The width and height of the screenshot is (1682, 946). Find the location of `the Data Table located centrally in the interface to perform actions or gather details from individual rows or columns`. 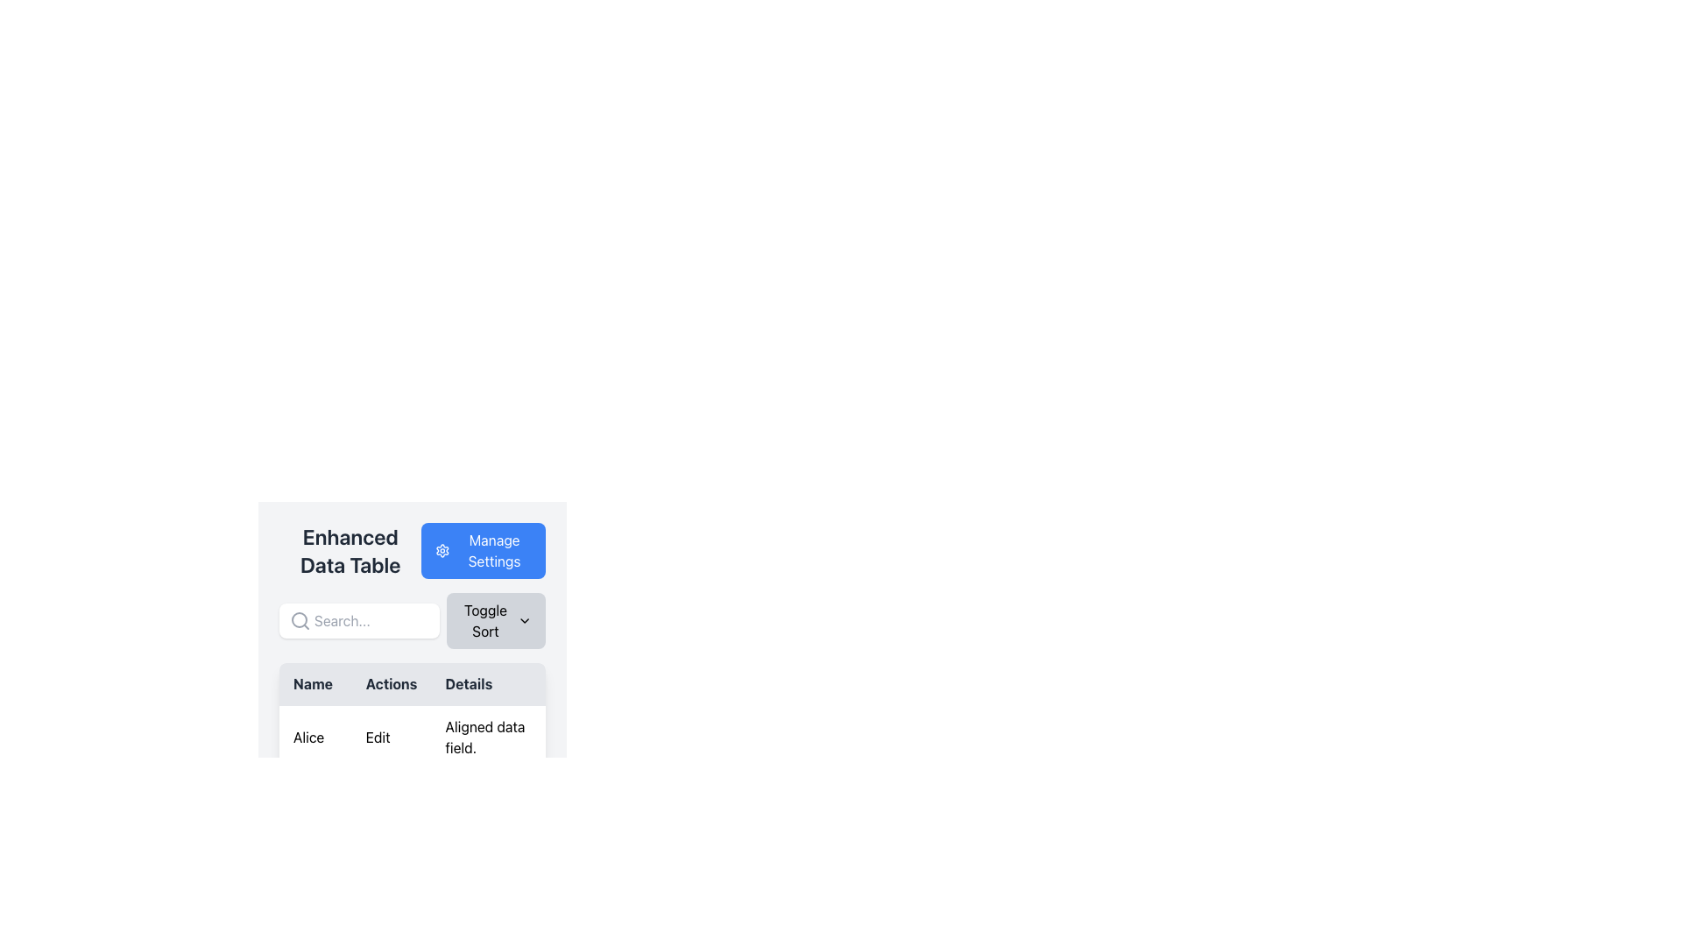

the Data Table located centrally in the interface to perform actions or gather details from individual rows or columns is located at coordinates (411, 779).